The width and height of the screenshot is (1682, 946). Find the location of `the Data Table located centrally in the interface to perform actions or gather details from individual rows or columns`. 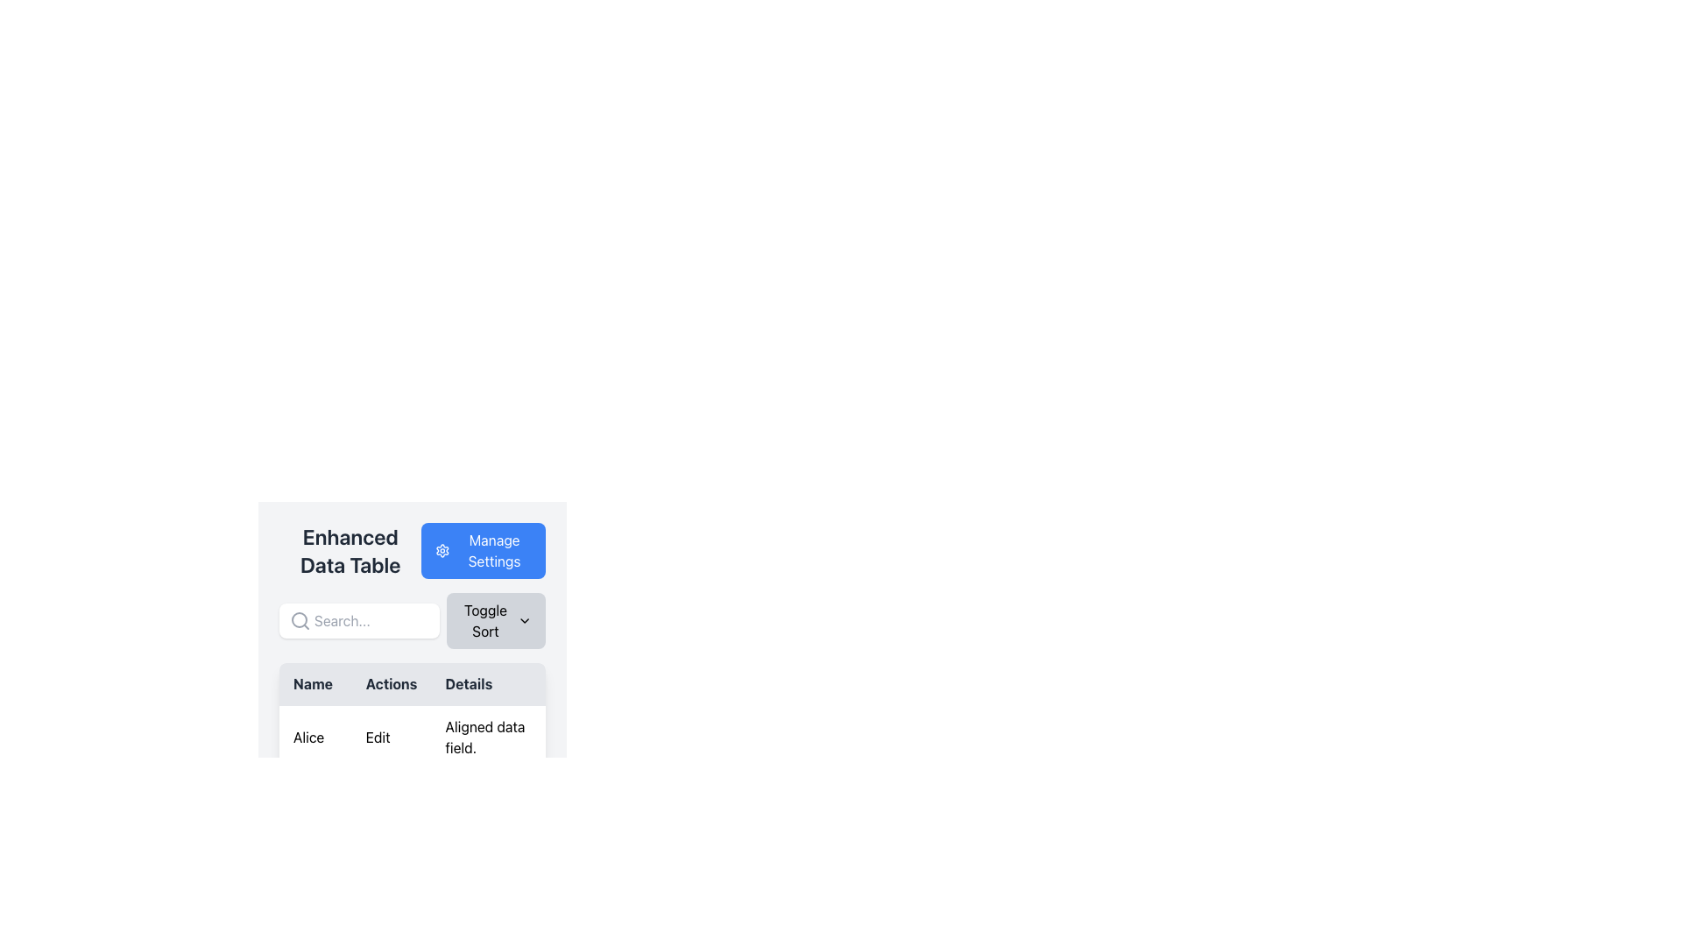

the Data Table located centrally in the interface to perform actions or gather details from individual rows or columns is located at coordinates (411, 779).